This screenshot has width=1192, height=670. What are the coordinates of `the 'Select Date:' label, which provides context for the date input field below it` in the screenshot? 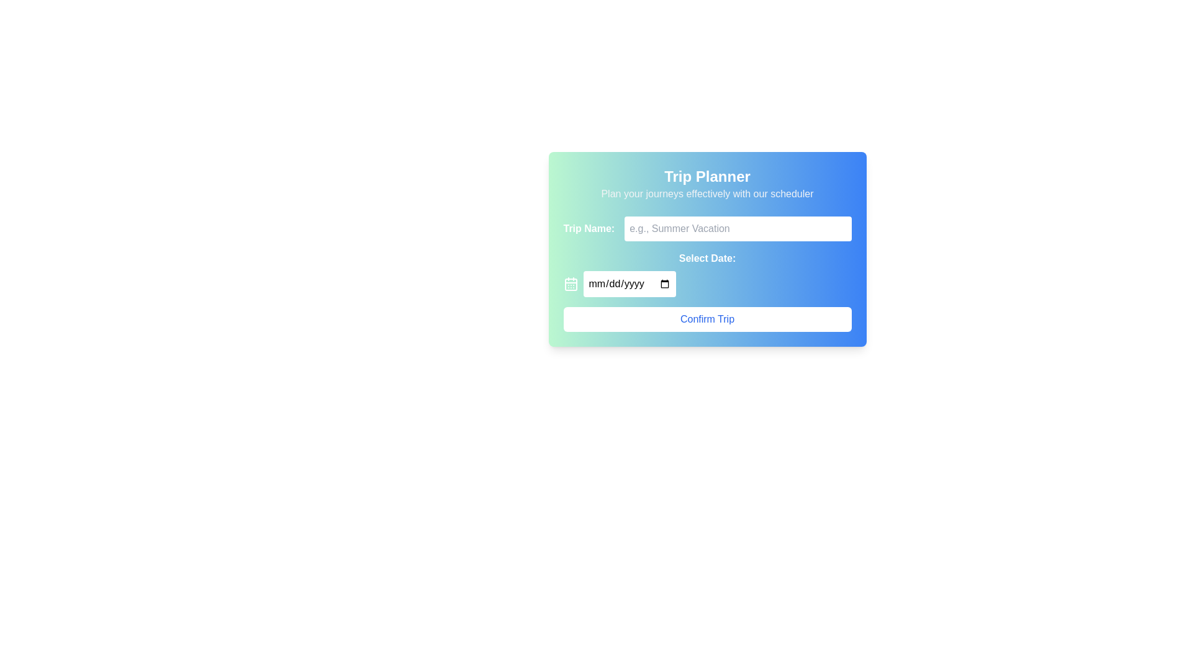 It's located at (707, 257).